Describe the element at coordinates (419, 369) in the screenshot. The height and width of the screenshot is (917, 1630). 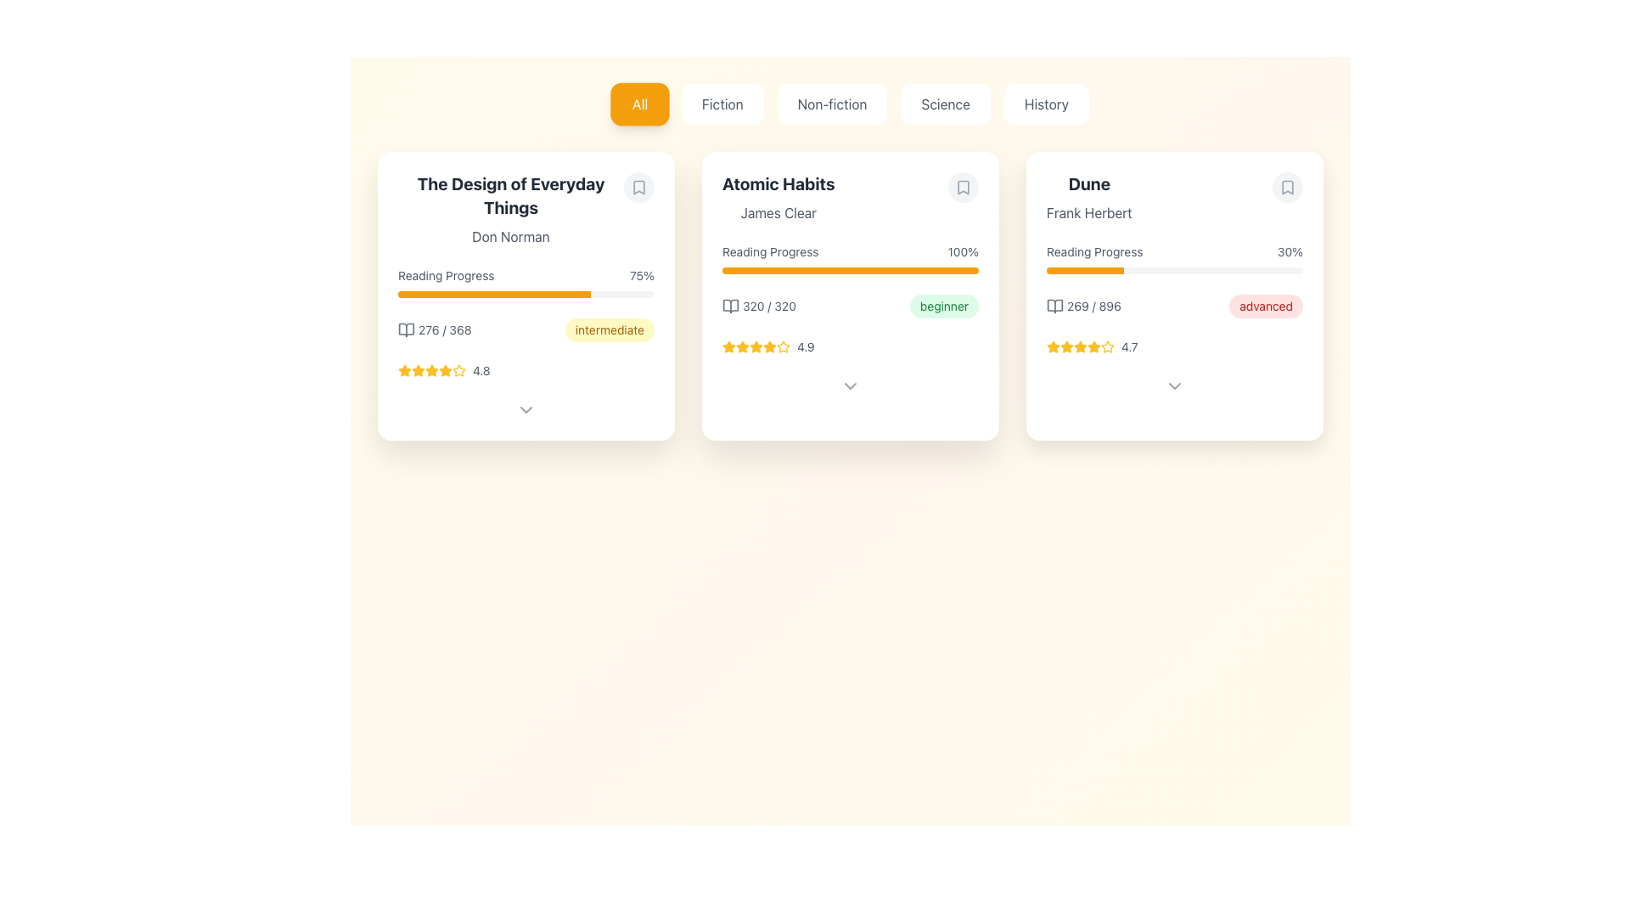
I see `the third star icon in the star rating system for 'The Design of Everyday Things' located at the bottom left corner of the card` at that location.